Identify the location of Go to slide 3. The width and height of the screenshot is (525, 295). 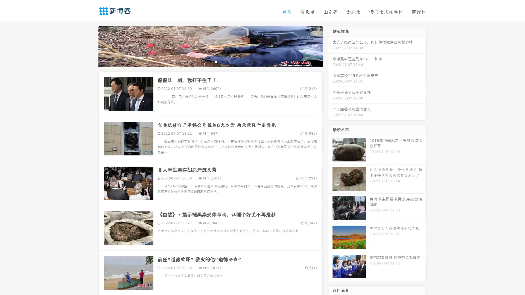
(216, 61).